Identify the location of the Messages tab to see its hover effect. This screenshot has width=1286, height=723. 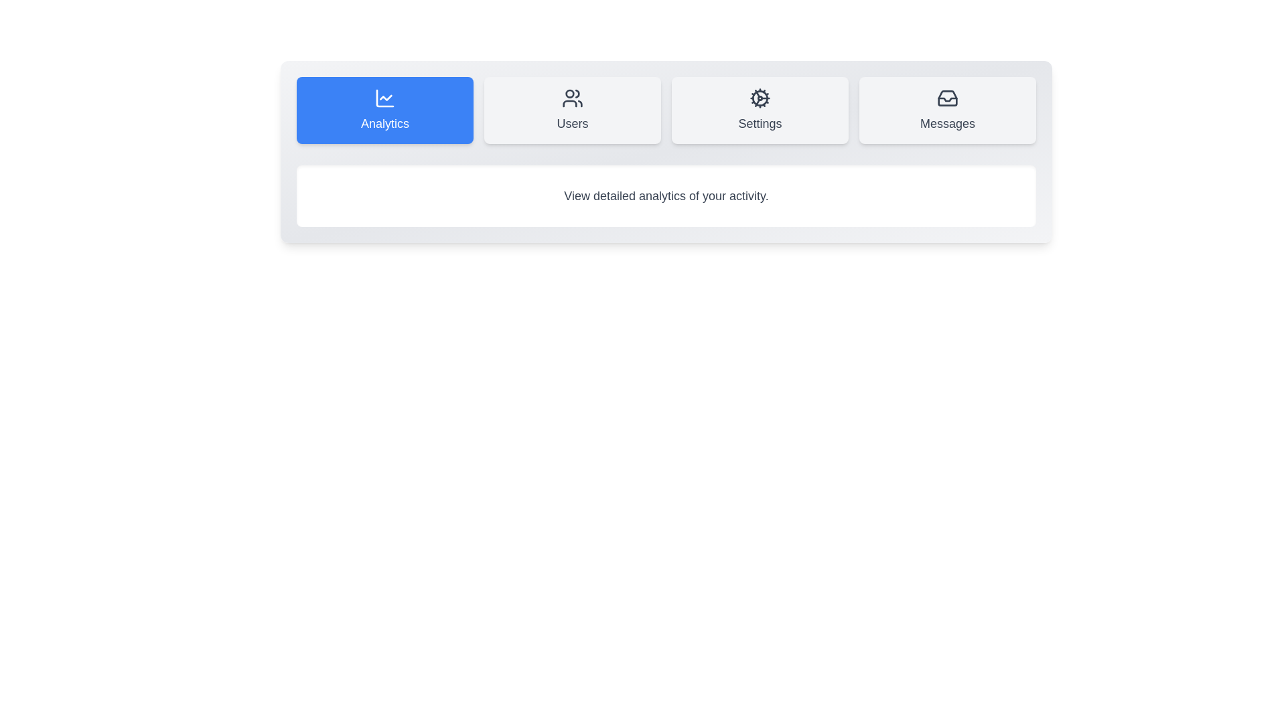
(947, 110).